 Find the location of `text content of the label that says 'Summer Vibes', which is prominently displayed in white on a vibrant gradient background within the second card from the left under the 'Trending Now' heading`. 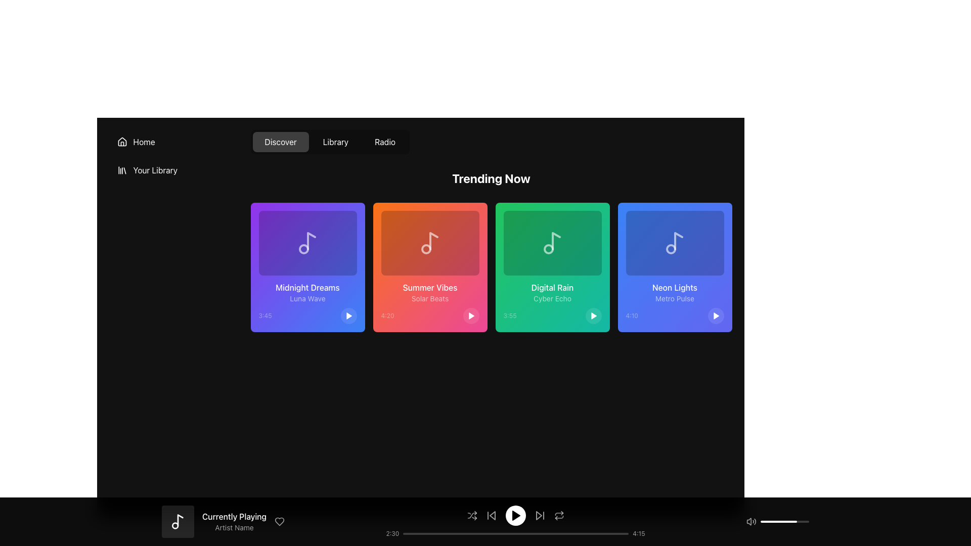

text content of the label that says 'Summer Vibes', which is prominently displayed in white on a vibrant gradient background within the second card from the left under the 'Trending Now' heading is located at coordinates (430, 288).